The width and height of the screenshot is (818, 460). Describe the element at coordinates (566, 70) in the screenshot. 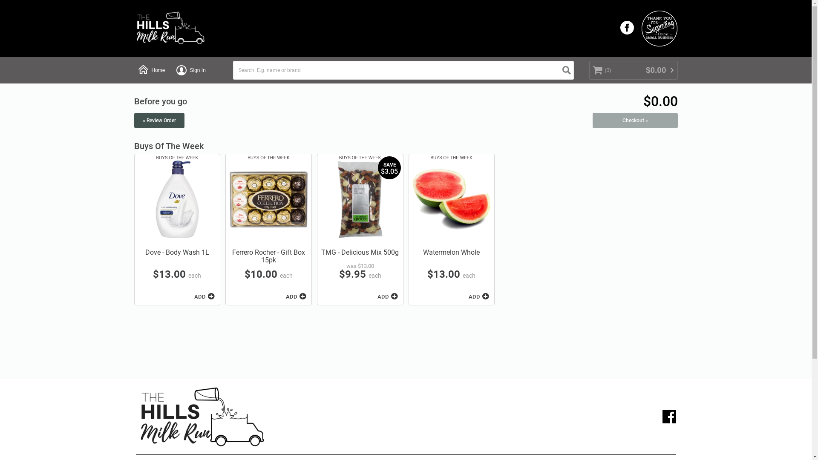

I see `'Search'` at that location.